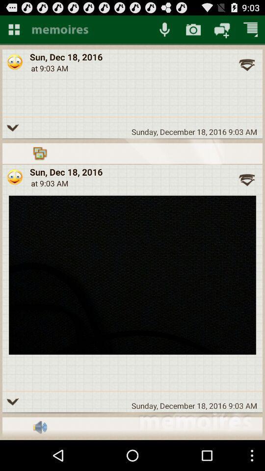 The height and width of the screenshot is (471, 265). Describe the element at coordinates (13, 31) in the screenshot. I see `the dashboard icon` at that location.